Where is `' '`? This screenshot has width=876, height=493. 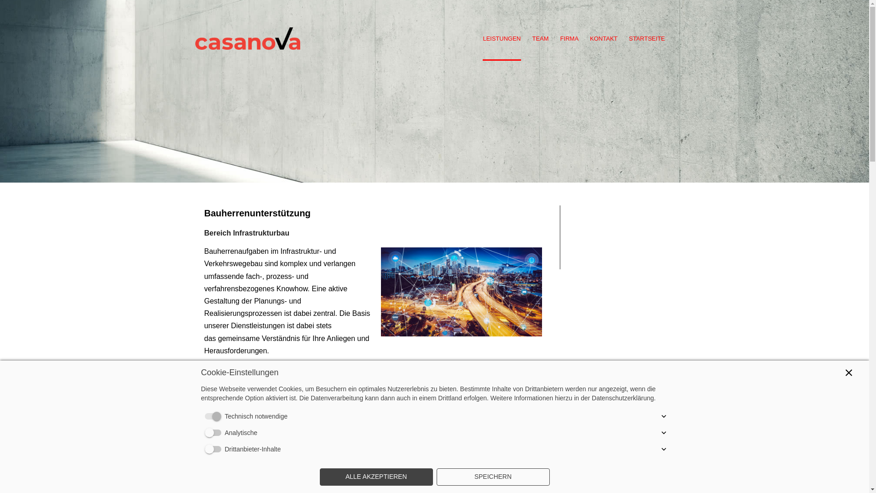 ' ' is located at coordinates (247, 22).